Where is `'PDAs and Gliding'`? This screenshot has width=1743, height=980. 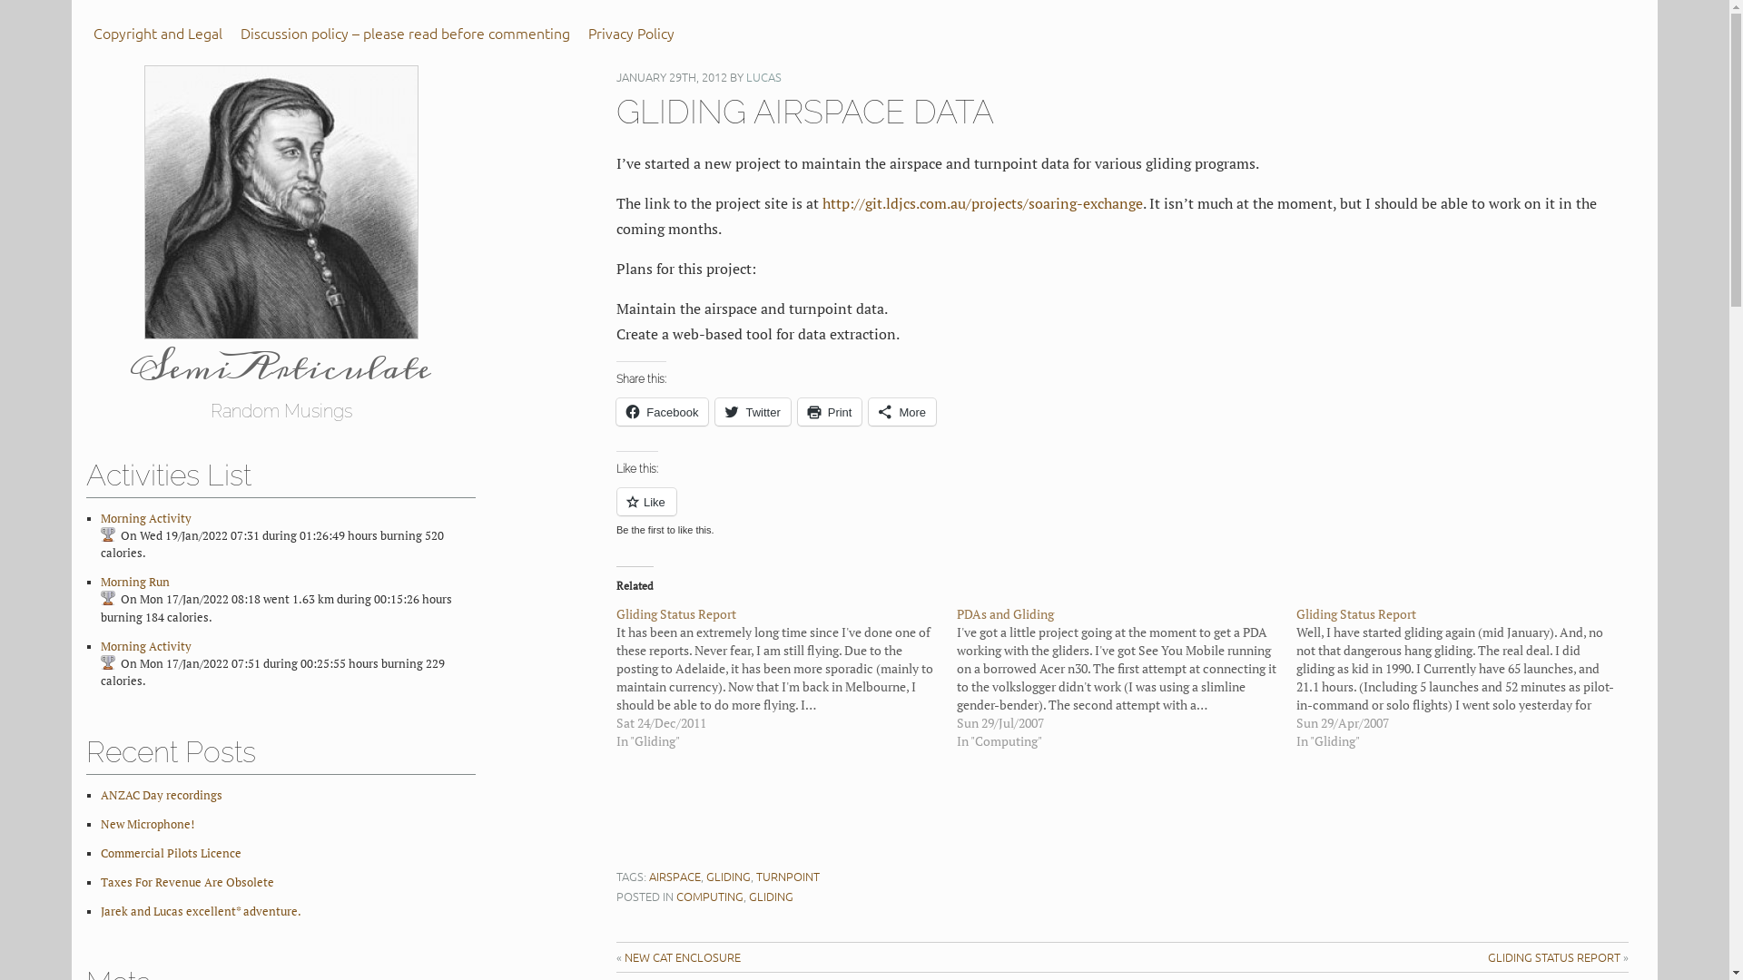
'PDAs and Gliding' is located at coordinates (1004, 612).